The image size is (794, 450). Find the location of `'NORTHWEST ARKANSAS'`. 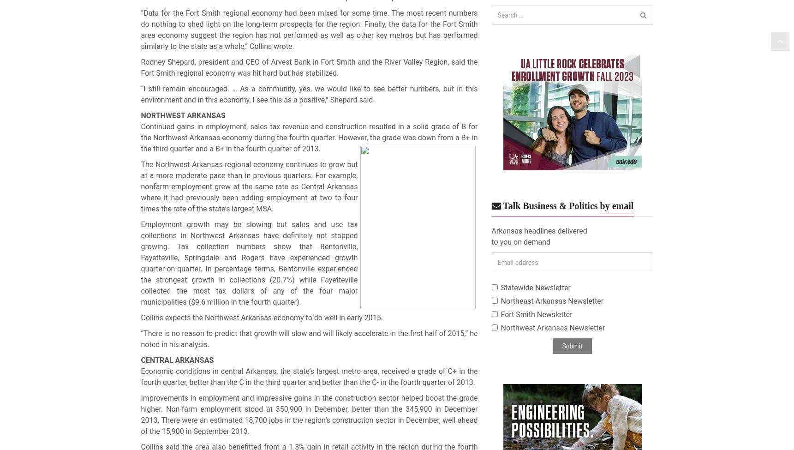

'NORTHWEST ARKANSAS' is located at coordinates (140, 115).